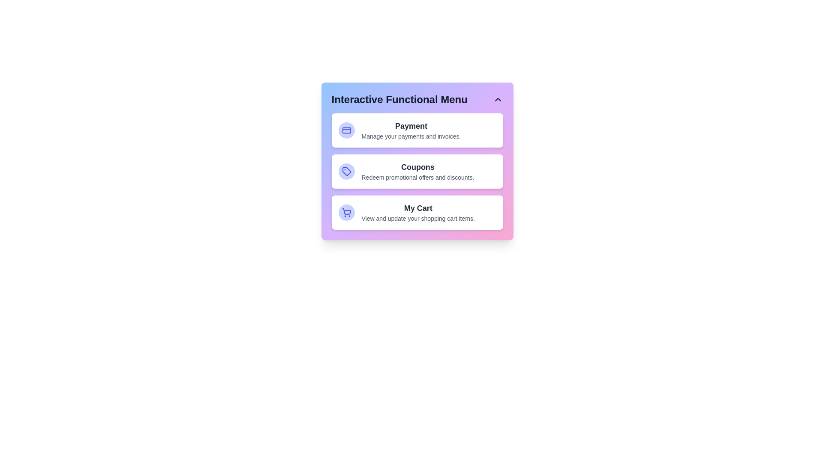 This screenshot has width=823, height=462. I want to click on the menu item My Cart to view its hover effect, so click(417, 212).